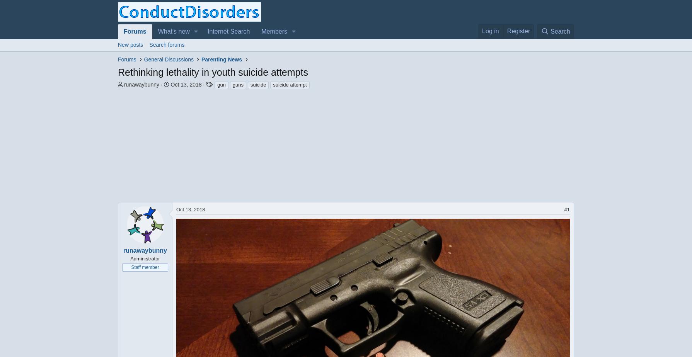 This screenshot has width=692, height=357. Describe the element at coordinates (560, 31) in the screenshot. I see `'Search'` at that location.